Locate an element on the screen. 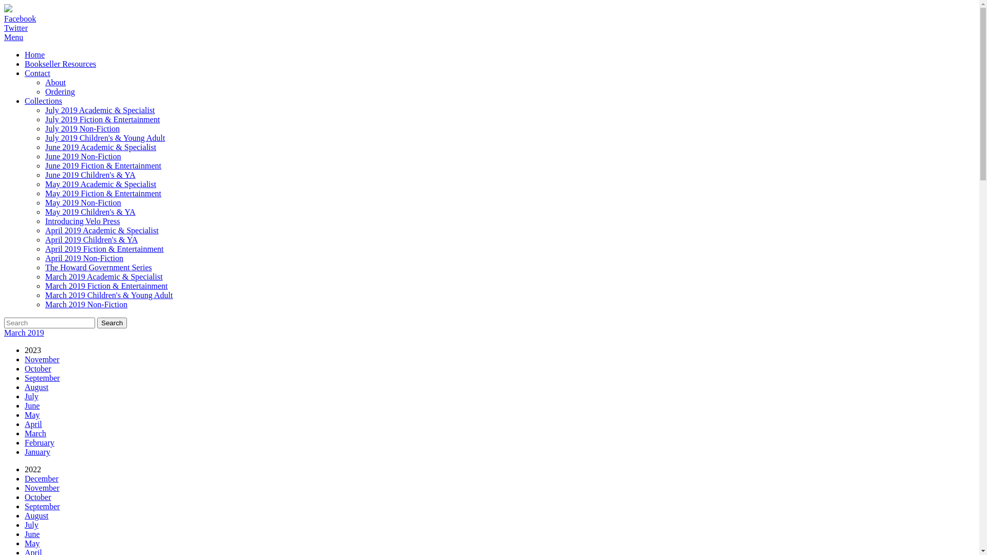 The width and height of the screenshot is (987, 555). 'April 2019 Academic & Specialist' is located at coordinates (44, 230).